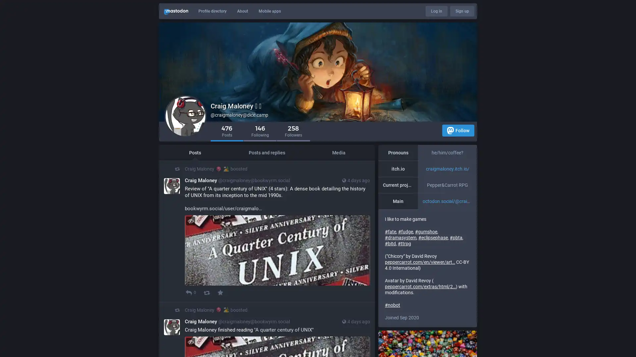 The image size is (636, 357). I want to click on Hide image, so click(190, 221).